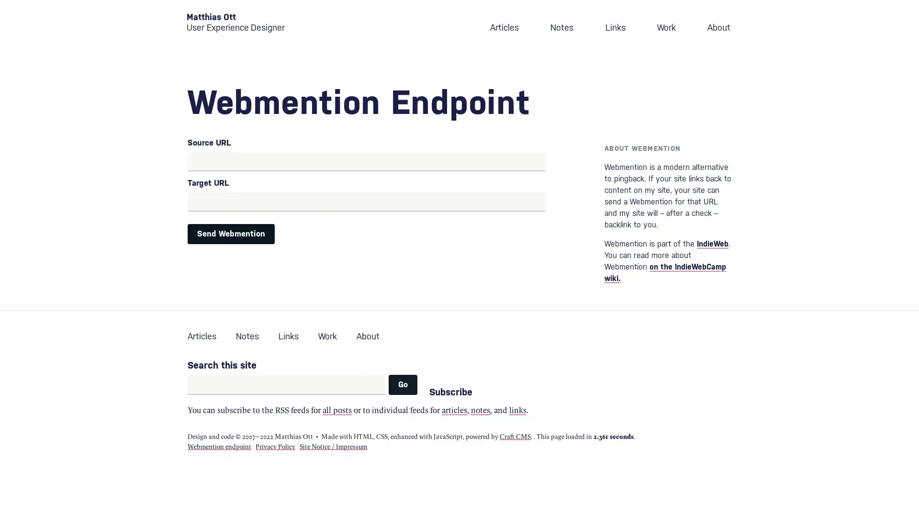  I want to click on Go, so click(403, 384).